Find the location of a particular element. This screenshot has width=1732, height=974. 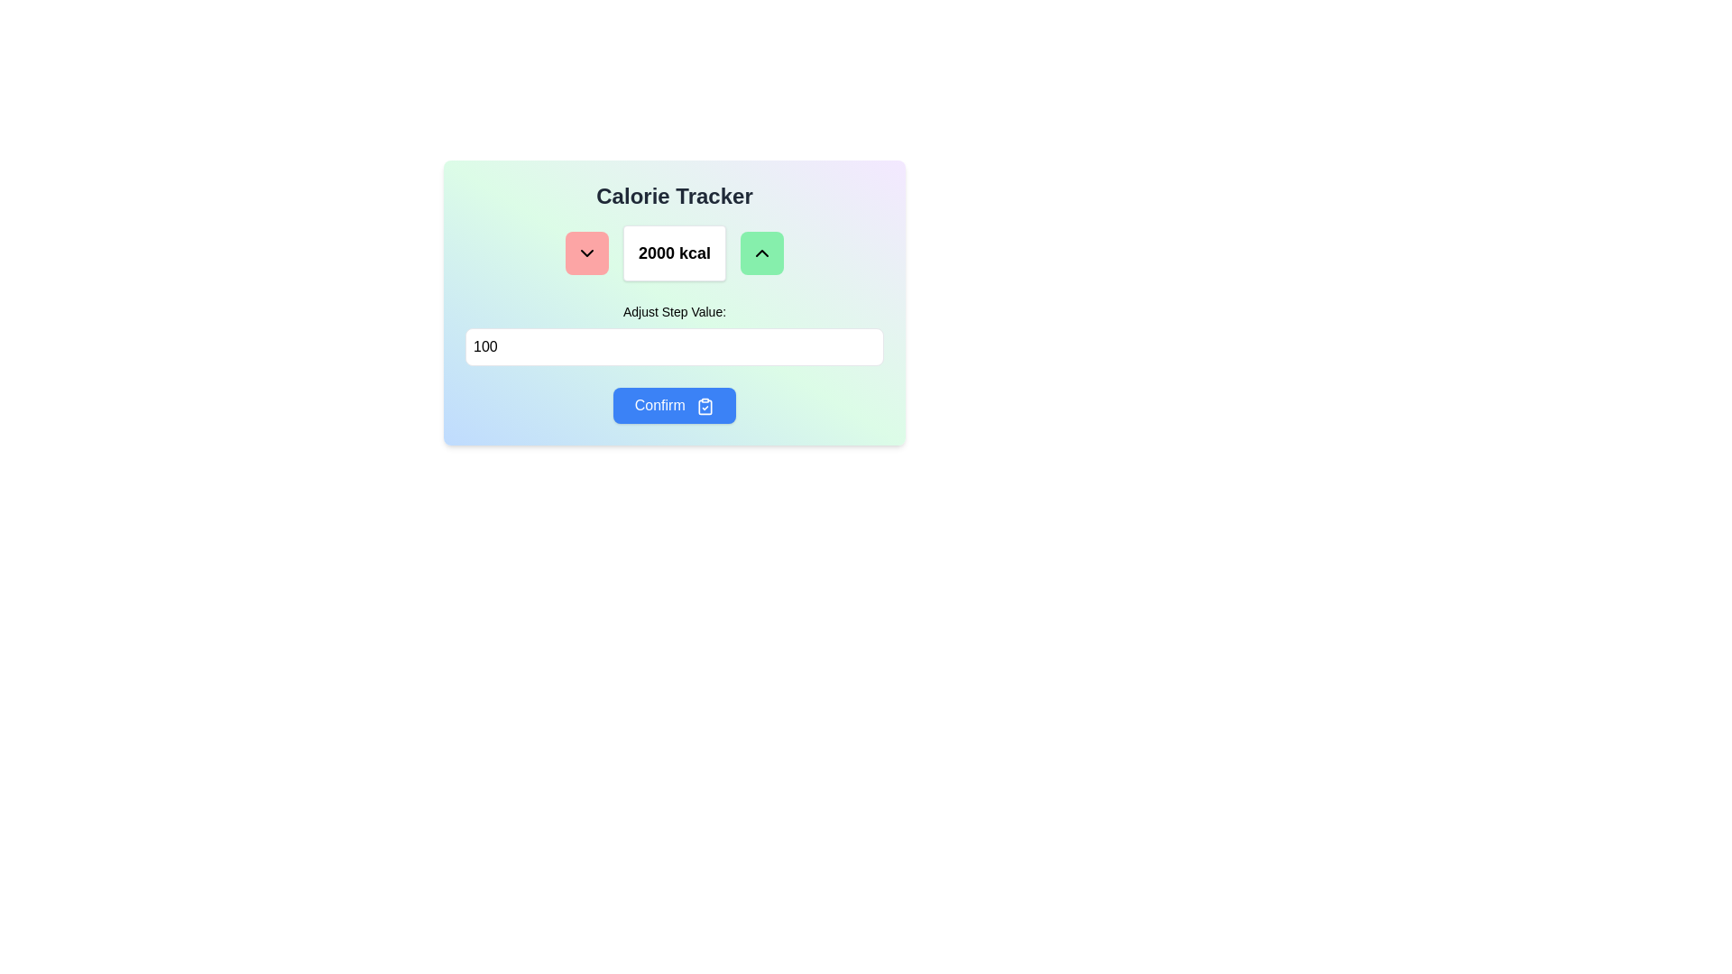

the increment button located on the right side of the 'Calorie Tracker' panel is located at coordinates (761, 253).